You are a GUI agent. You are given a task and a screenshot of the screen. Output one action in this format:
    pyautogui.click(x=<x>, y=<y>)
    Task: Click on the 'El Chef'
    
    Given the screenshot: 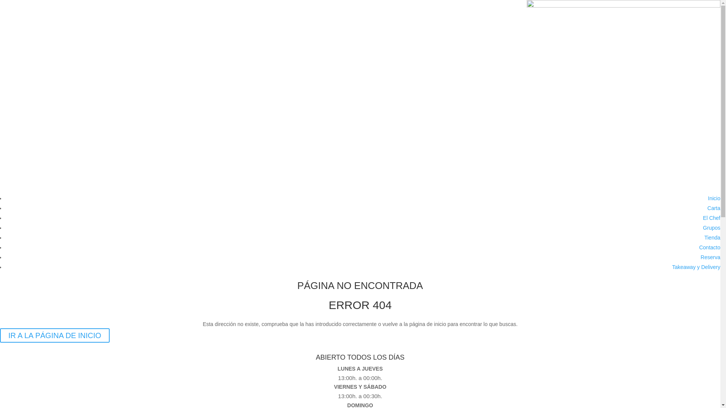 What is the action you would take?
    pyautogui.click(x=711, y=218)
    